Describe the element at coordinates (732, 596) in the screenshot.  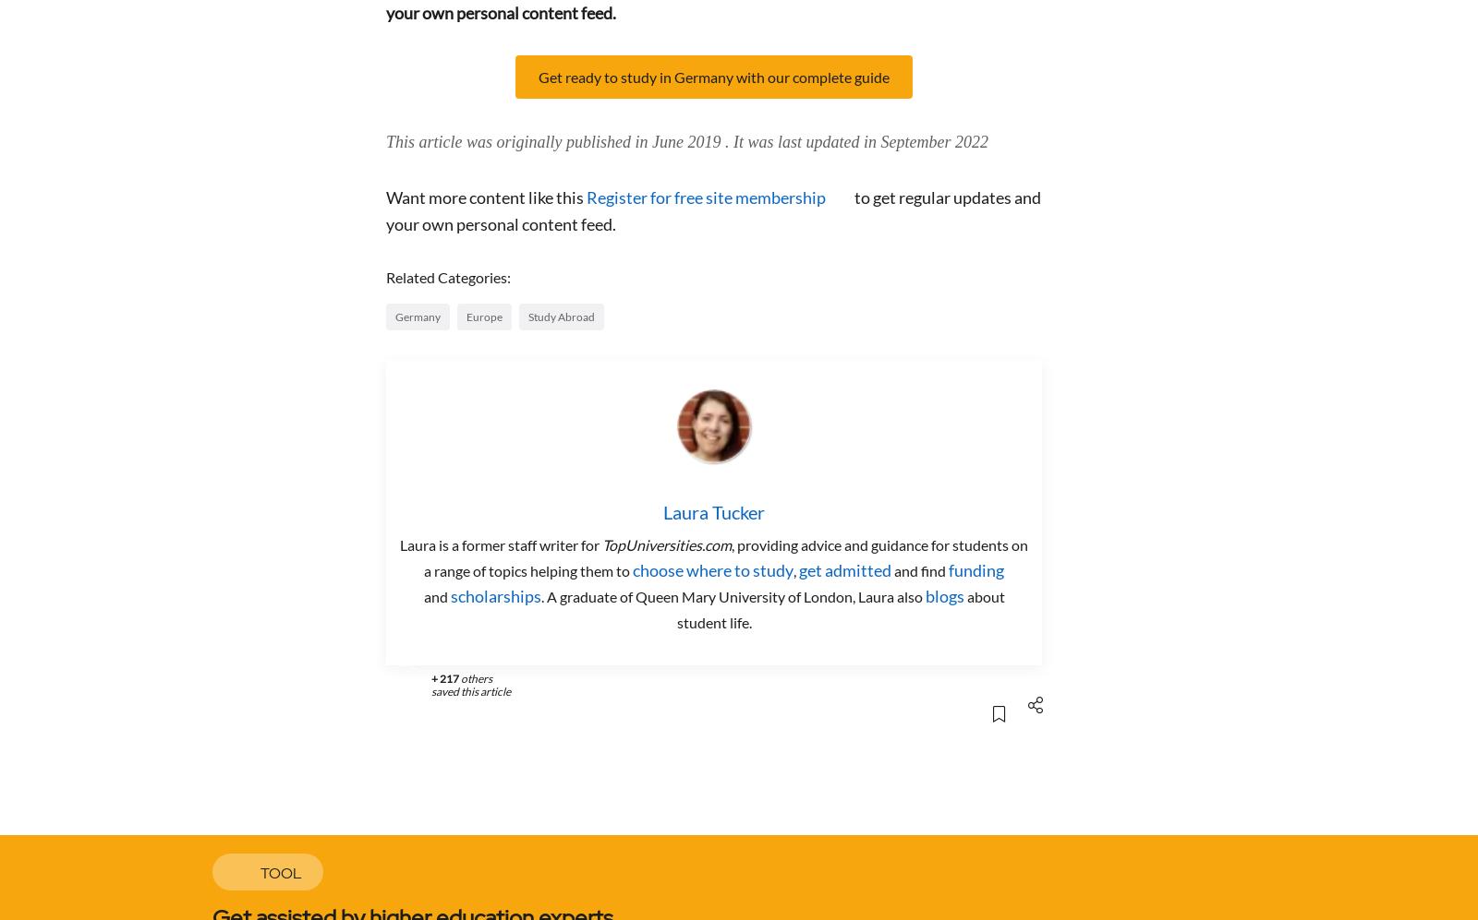
I see `'. A graduate of Queen Mary University of London, Laura also'` at that location.